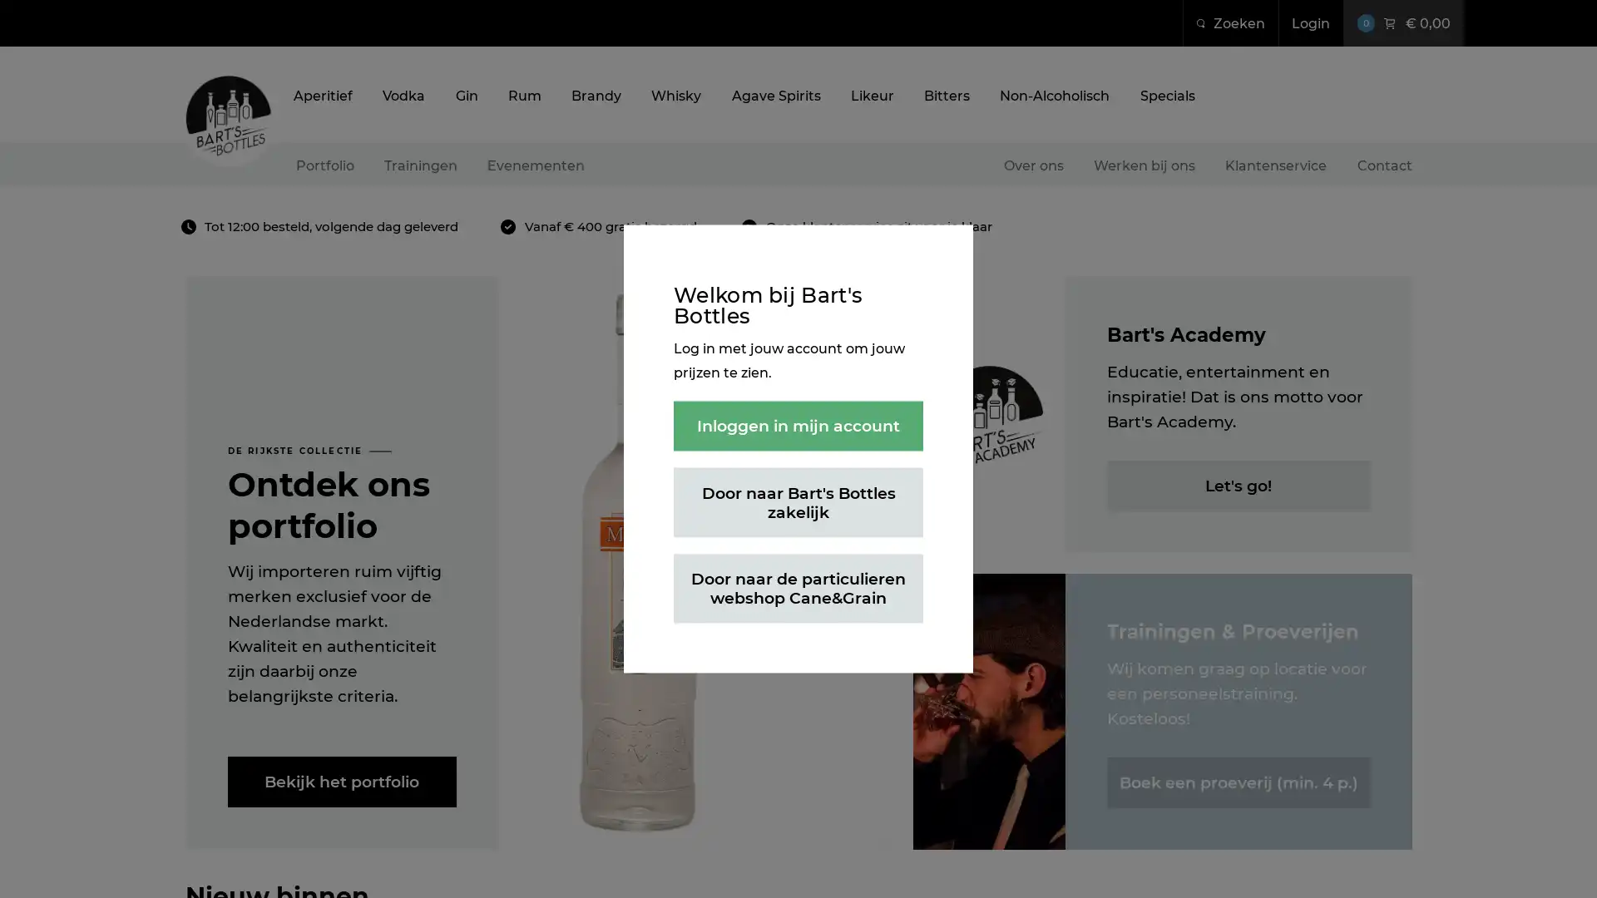 Image resolution: width=1597 pixels, height=898 pixels. I want to click on Door naar de particulieren webshop Cane&Grain, so click(798, 587).